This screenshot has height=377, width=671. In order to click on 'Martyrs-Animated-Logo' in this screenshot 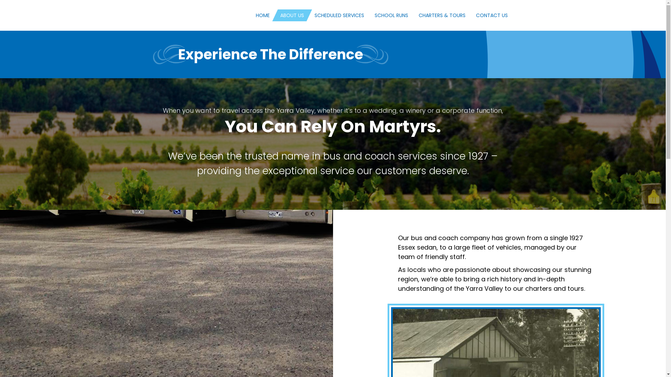, I will do `click(183, 15)`.